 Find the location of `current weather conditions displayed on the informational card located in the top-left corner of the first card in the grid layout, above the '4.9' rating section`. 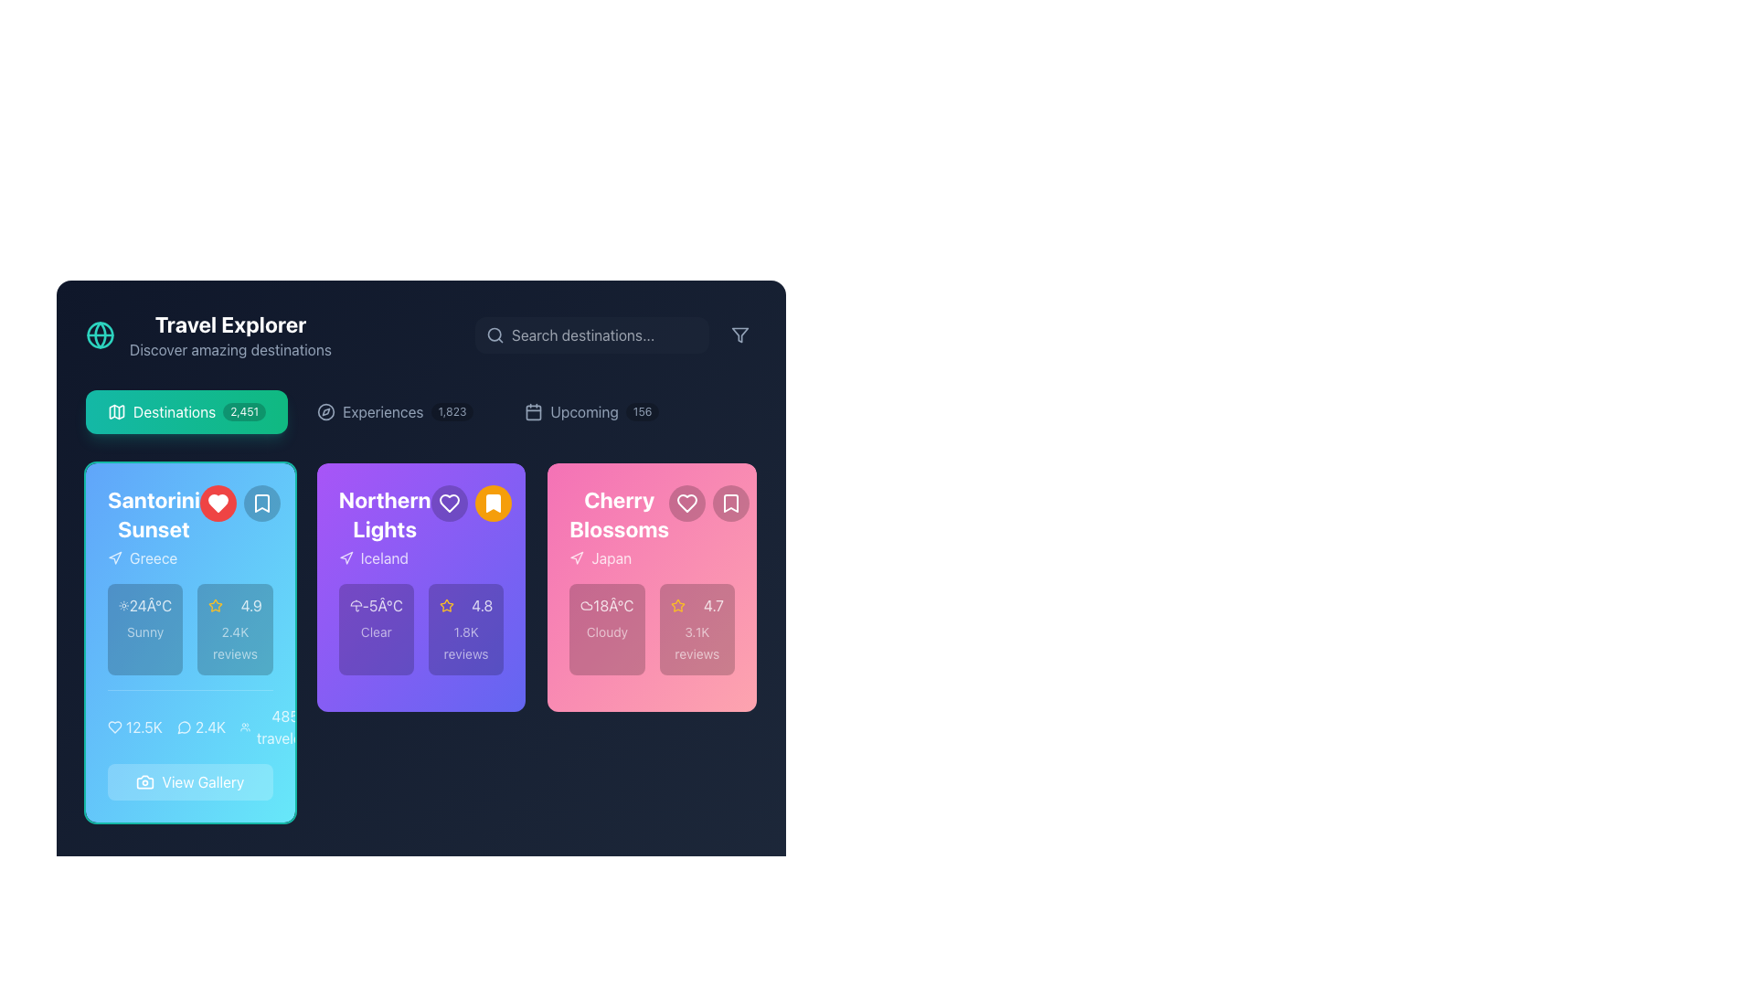

current weather conditions displayed on the informational card located in the top-left corner of the first card in the grid layout, above the '4.9' rating section is located at coordinates (144, 629).